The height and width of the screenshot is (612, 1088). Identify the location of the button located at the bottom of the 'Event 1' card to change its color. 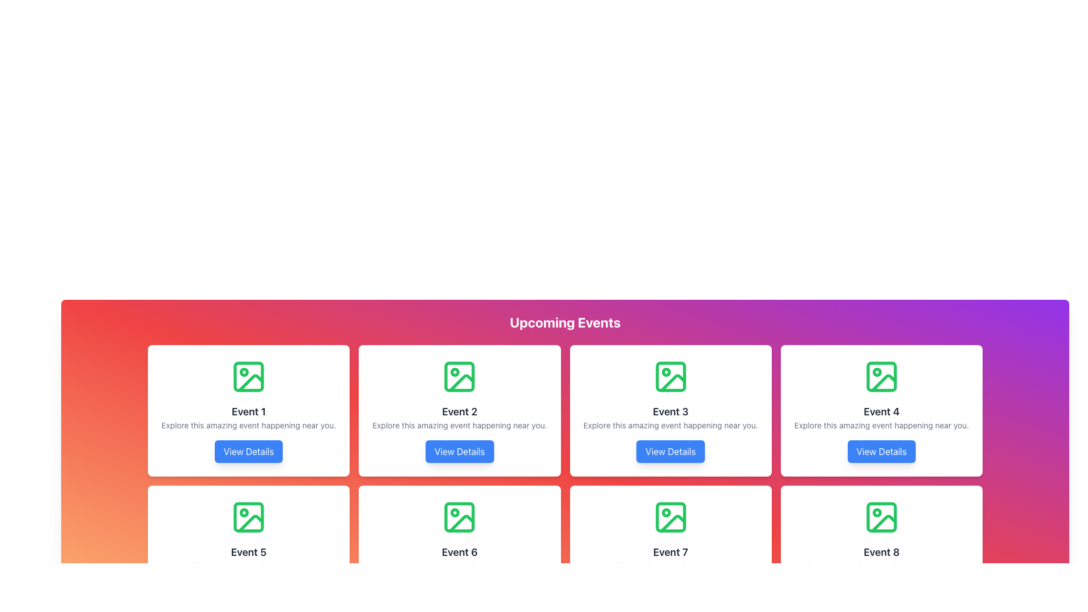
(248, 451).